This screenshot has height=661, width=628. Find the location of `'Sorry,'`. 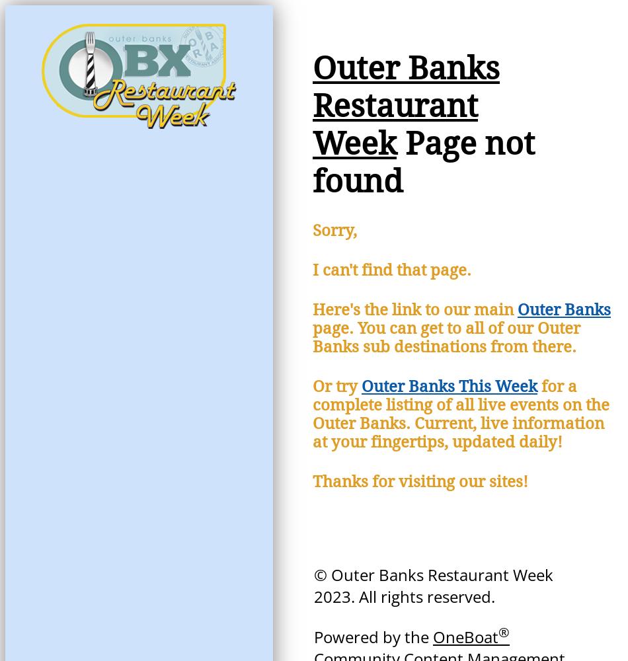

'Sorry,' is located at coordinates (312, 230).